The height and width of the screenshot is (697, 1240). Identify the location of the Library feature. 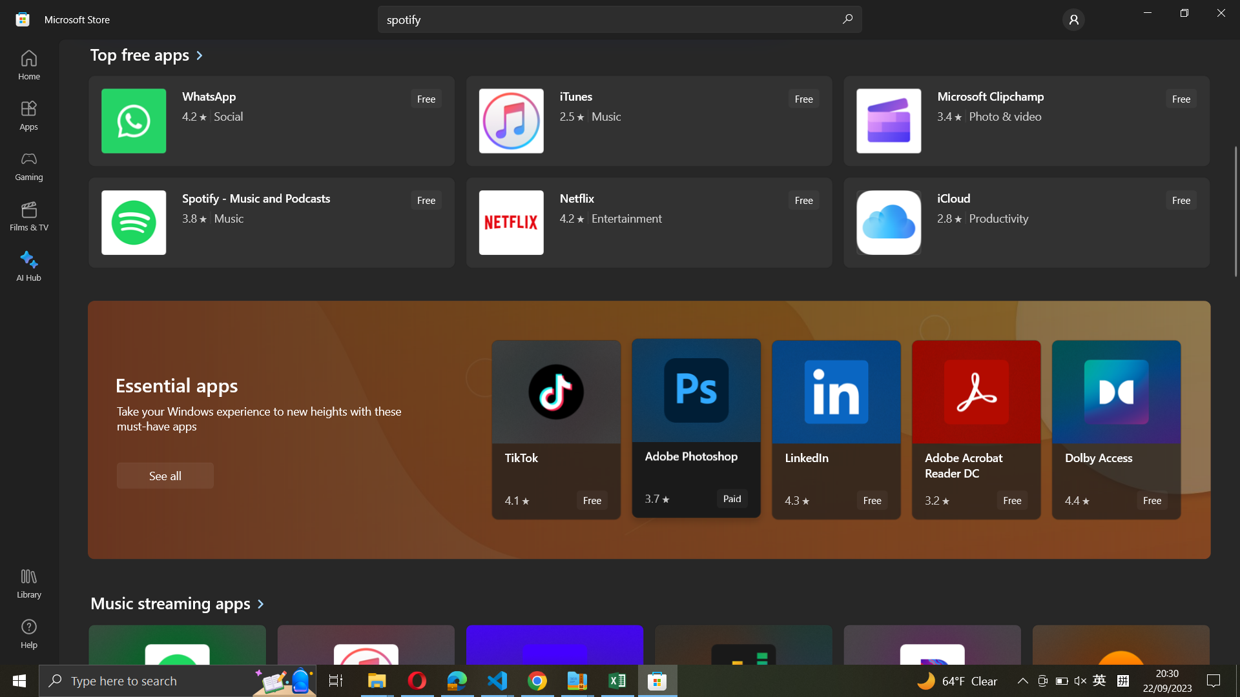
(28, 585).